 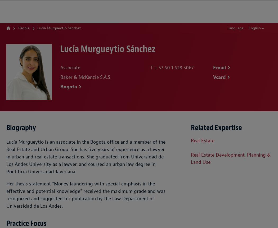 What do you see at coordinates (230, 159) in the screenshot?
I see `'Real Estate Development, Planning & Land Use'` at bounding box center [230, 159].